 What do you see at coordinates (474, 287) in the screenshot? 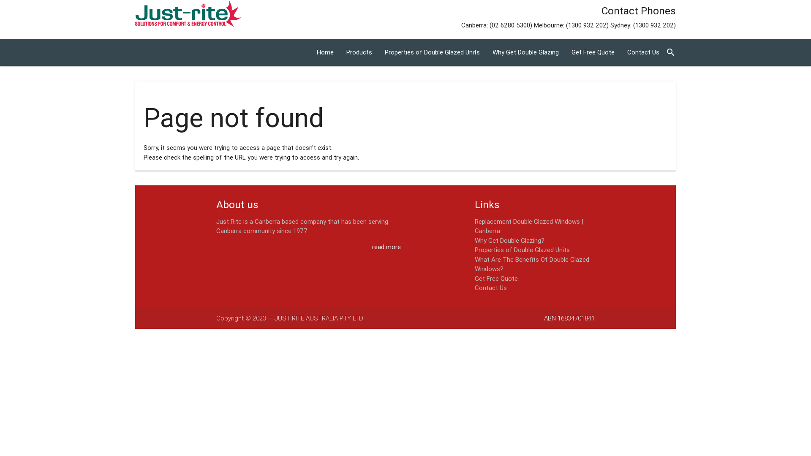
I see `'Contact Us'` at bounding box center [474, 287].